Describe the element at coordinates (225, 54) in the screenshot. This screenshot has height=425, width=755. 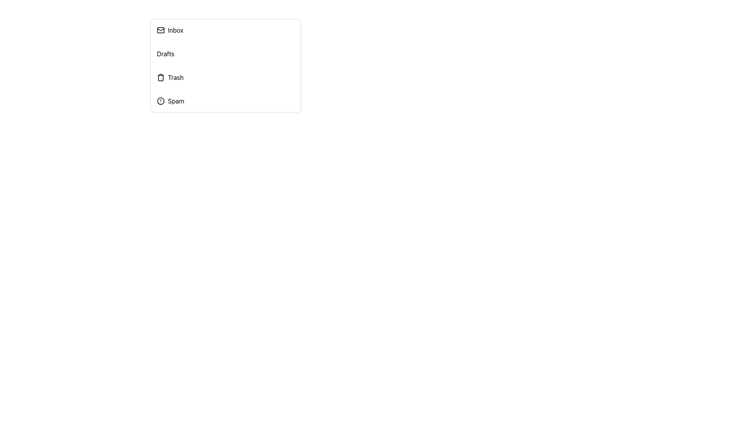
I see `the 'Drafts' list item in the vertical menu` at that location.